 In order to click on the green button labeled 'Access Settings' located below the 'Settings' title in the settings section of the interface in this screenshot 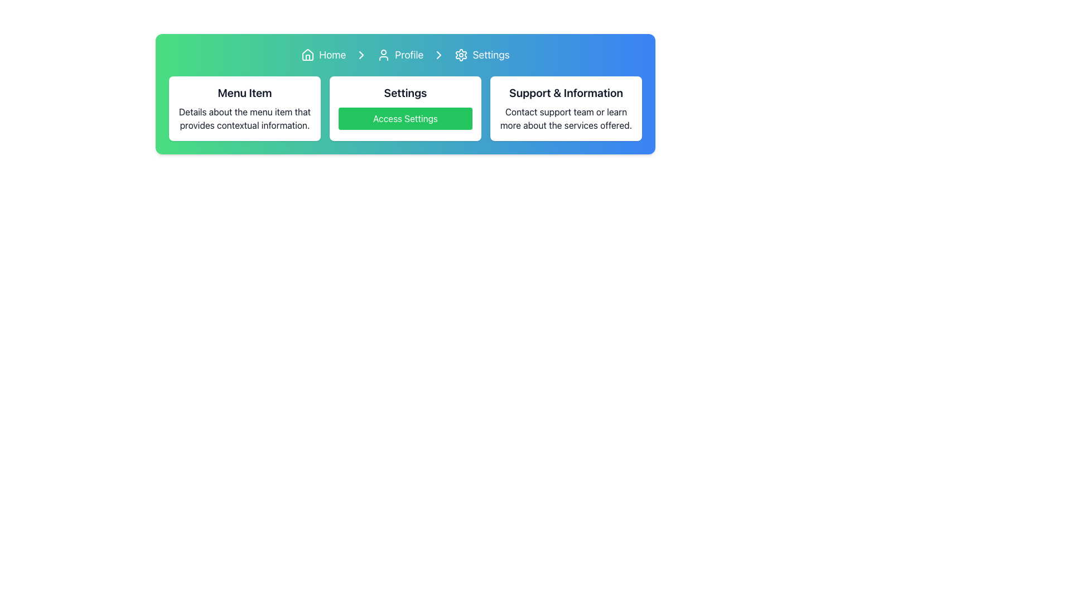, I will do `click(404, 118)`.